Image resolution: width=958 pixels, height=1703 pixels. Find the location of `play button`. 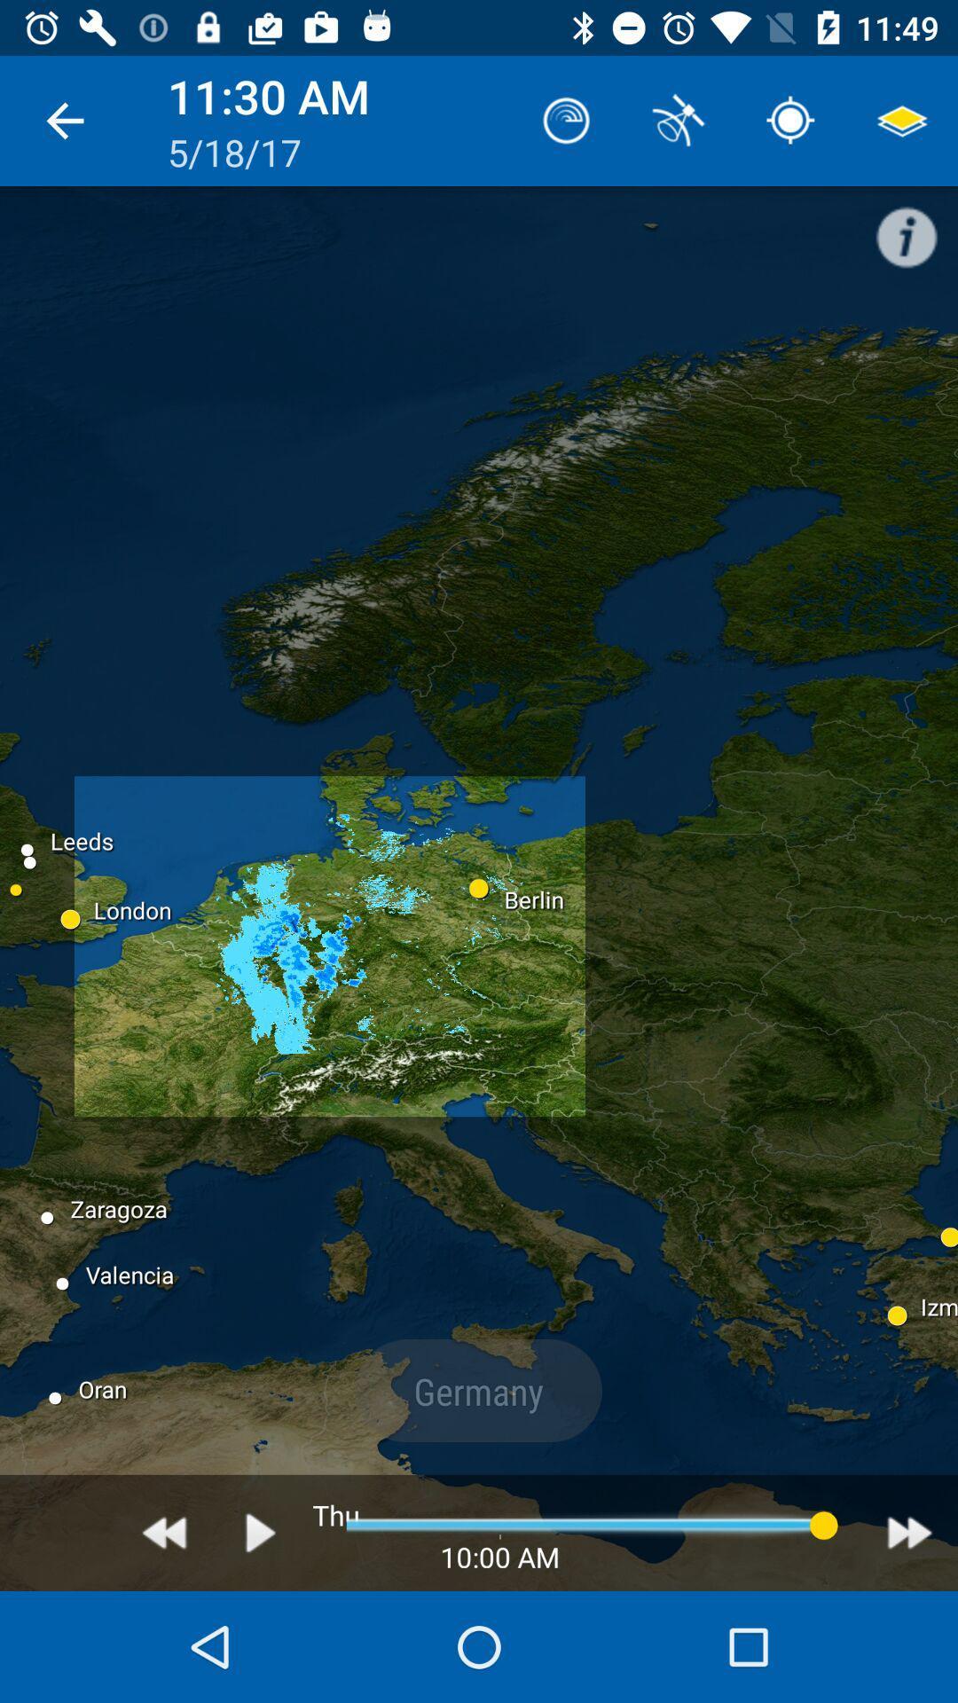

play button is located at coordinates (261, 1532).